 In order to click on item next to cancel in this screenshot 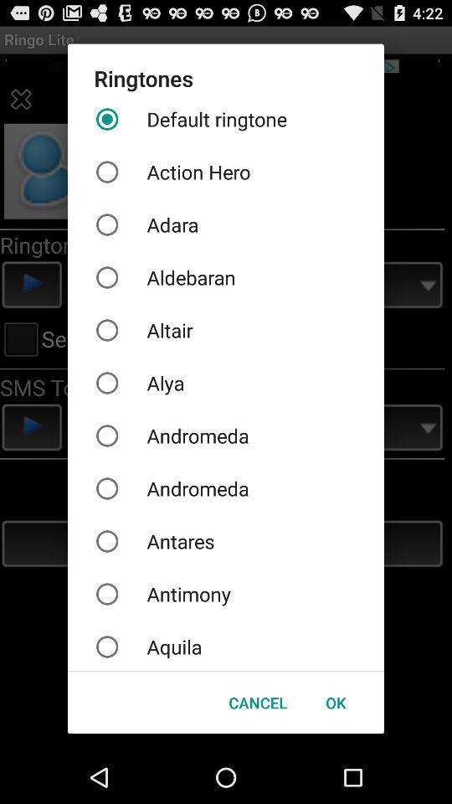, I will do `click(336, 703)`.